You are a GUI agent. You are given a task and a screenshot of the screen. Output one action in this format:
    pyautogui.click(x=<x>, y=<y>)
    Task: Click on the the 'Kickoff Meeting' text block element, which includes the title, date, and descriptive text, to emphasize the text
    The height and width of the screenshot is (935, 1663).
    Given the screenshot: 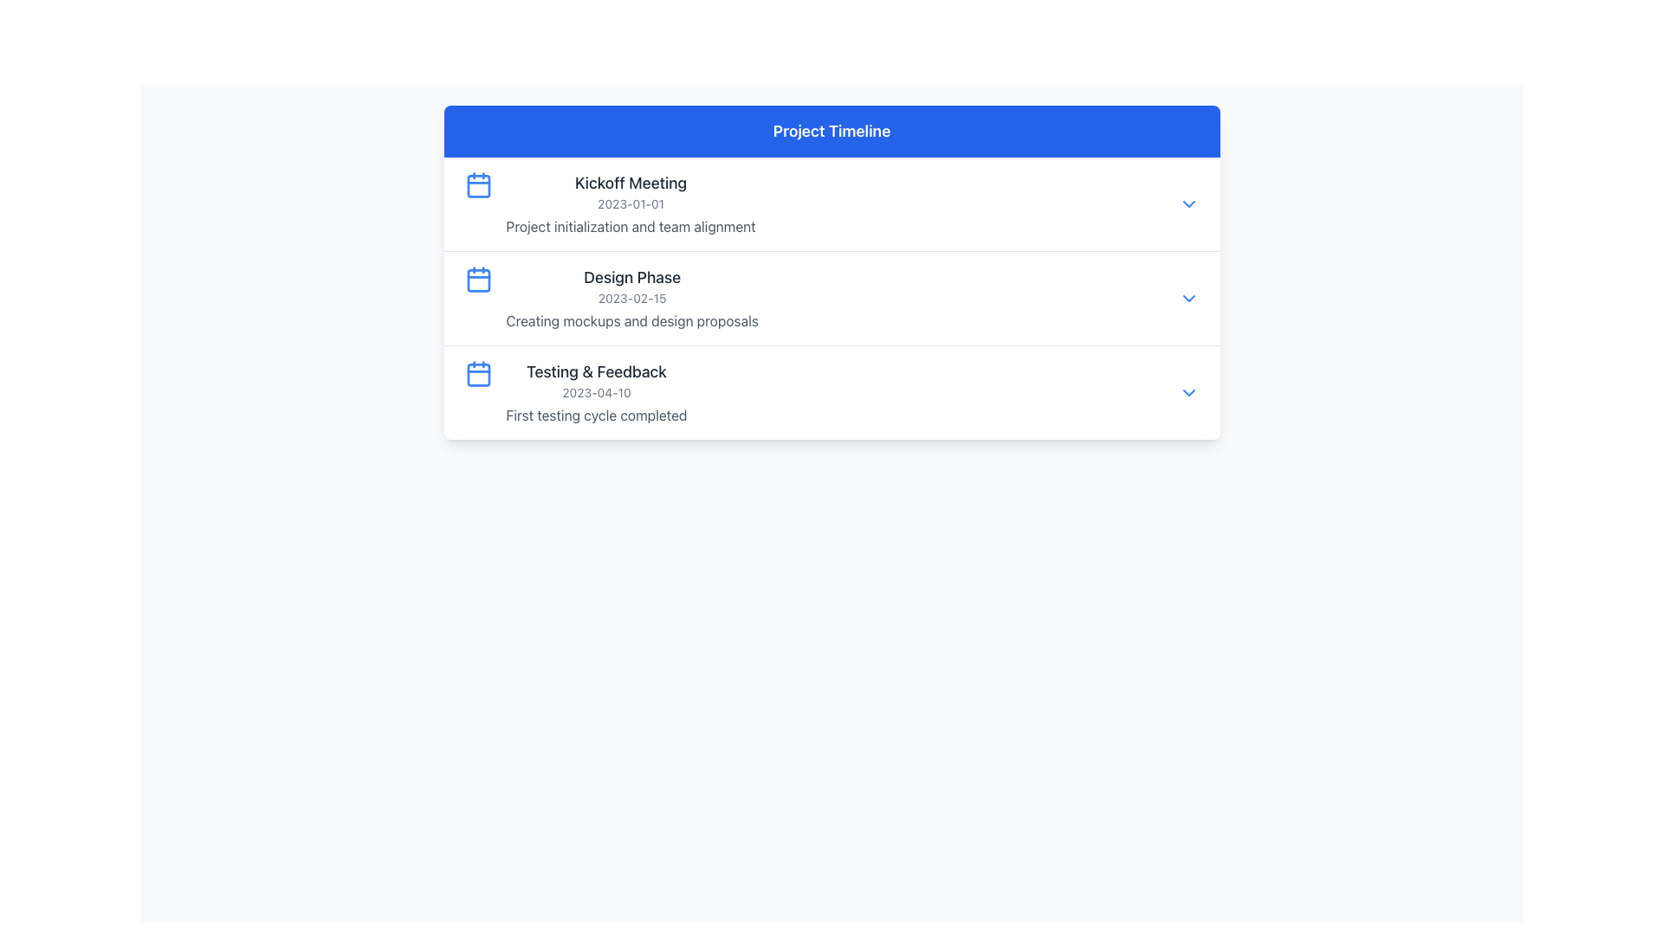 What is the action you would take?
    pyautogui.click(x=630, y=203)
    